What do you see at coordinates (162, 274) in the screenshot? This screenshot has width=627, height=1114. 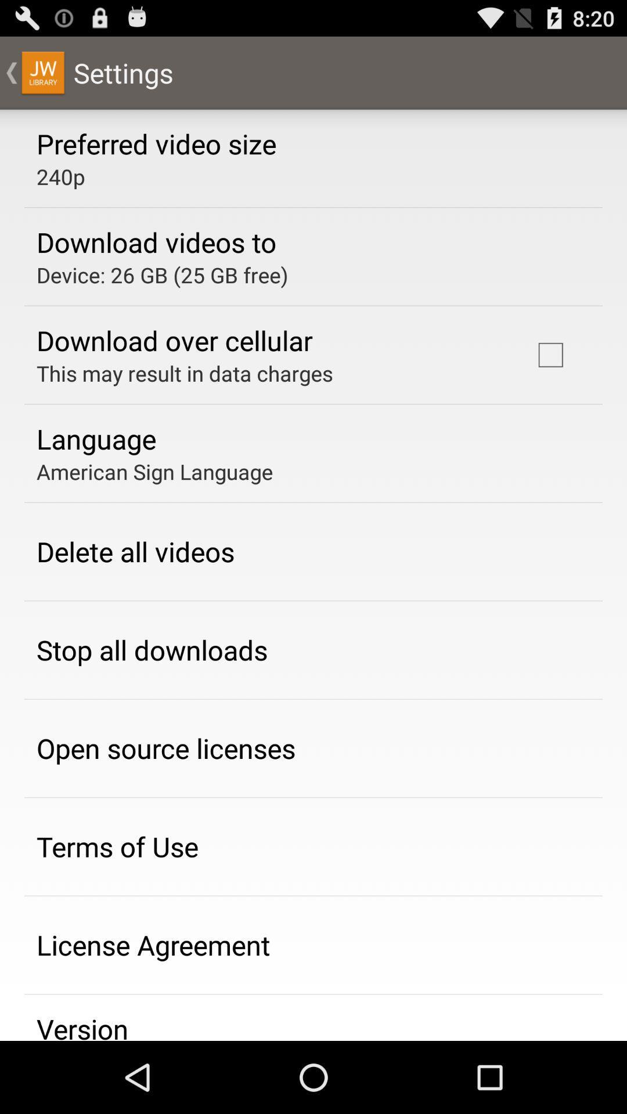 I see `item below download videos to app` at bounding box center [162, 274].